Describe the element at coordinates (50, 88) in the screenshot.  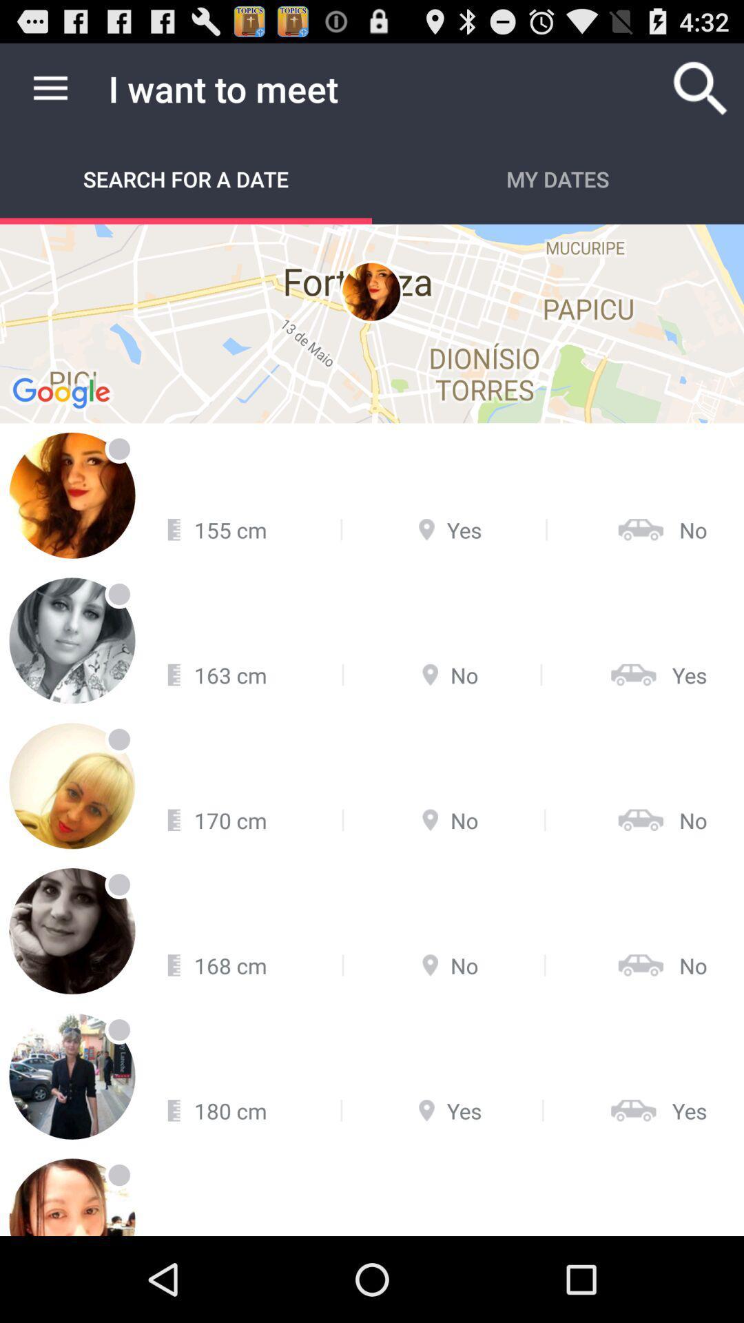
I see `icon next to the i want to app` at that location.